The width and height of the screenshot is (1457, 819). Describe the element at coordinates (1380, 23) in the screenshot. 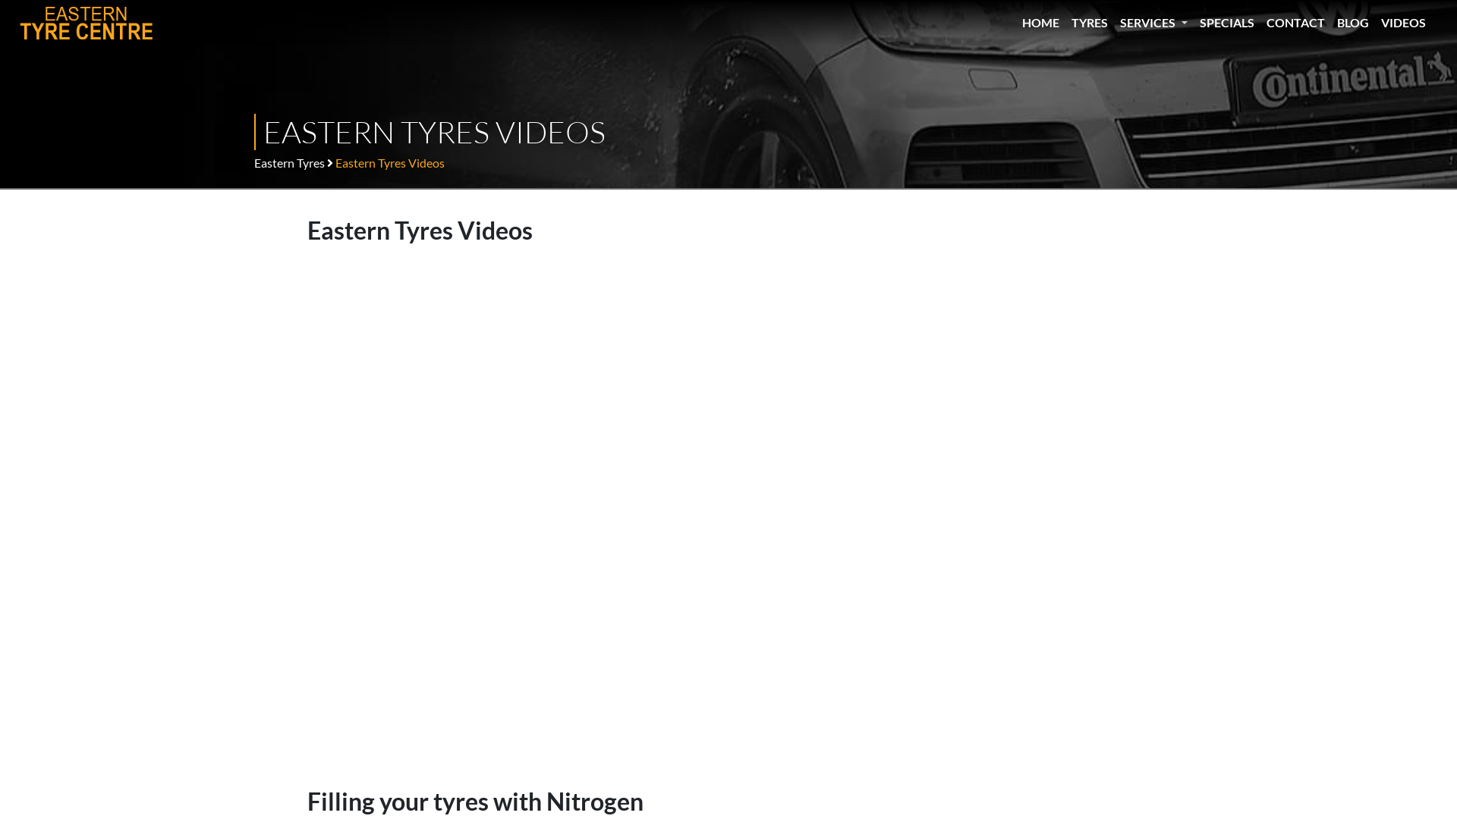

I see `'VIDEOS'` at that location.